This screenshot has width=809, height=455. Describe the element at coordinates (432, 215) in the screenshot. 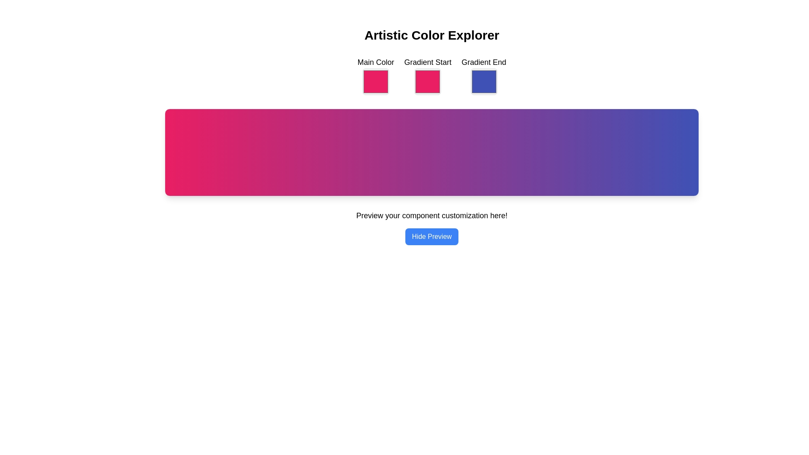

I see `the static text label that reads 'Preview your component customization here!', which is prominently displayed above the 'Hide Preview' button` at that location.